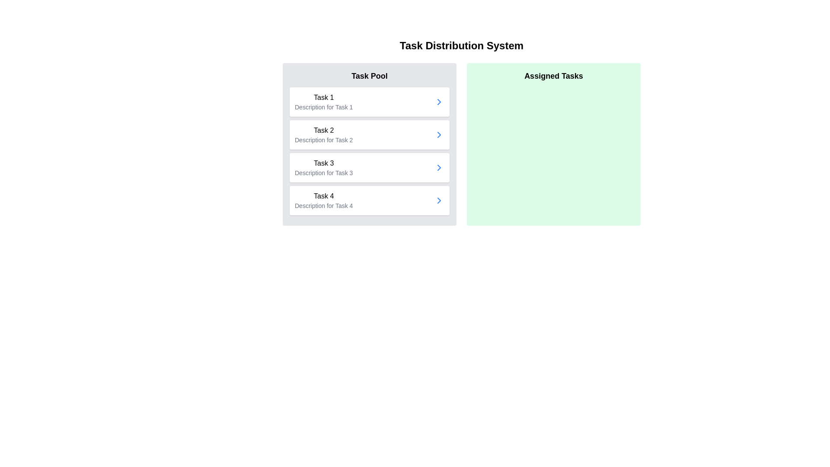  Describe the element at coordinates (369, 200) in the screenshot. I see `on the task item labeled 'Task 4' in the 'Task Pool' section` at that location.